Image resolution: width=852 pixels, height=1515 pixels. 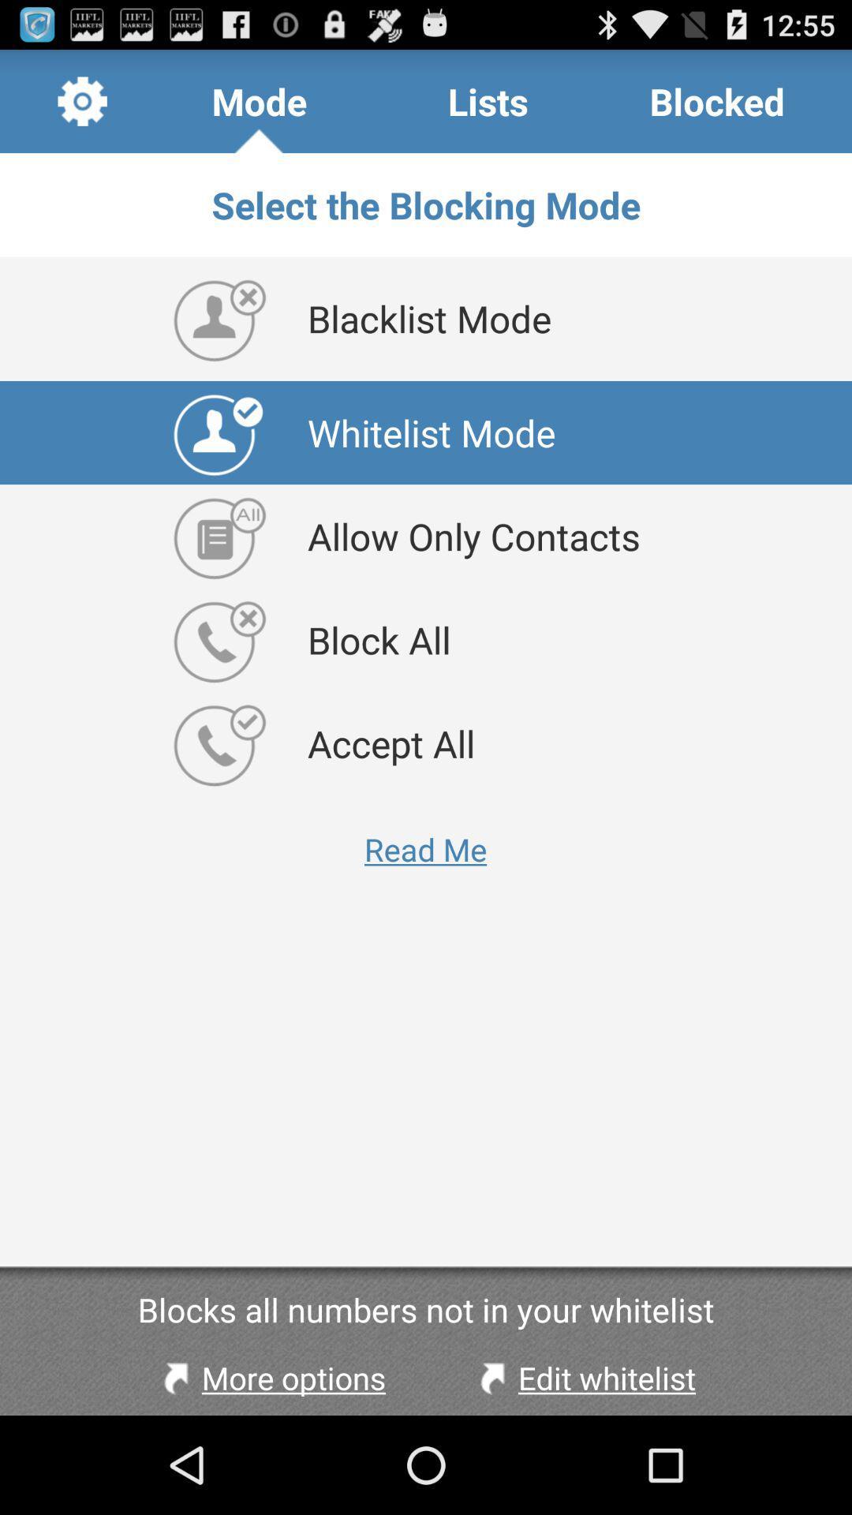 What do you see at coordinates (488, 100) in the screenshot?
I see `lists` at bounding box center [488, 100].